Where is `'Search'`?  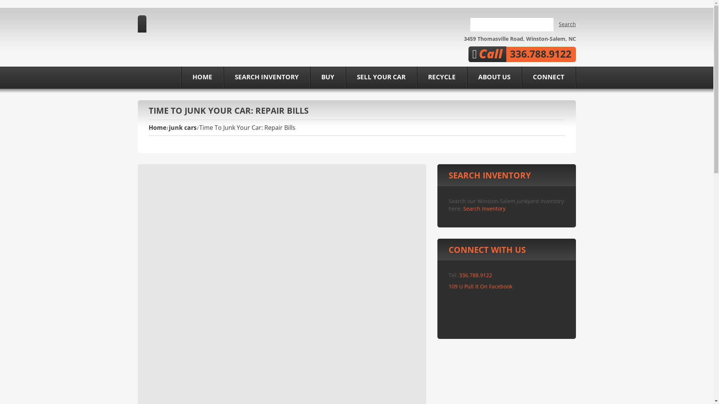
'Search' is located at coordinates (559, 24).